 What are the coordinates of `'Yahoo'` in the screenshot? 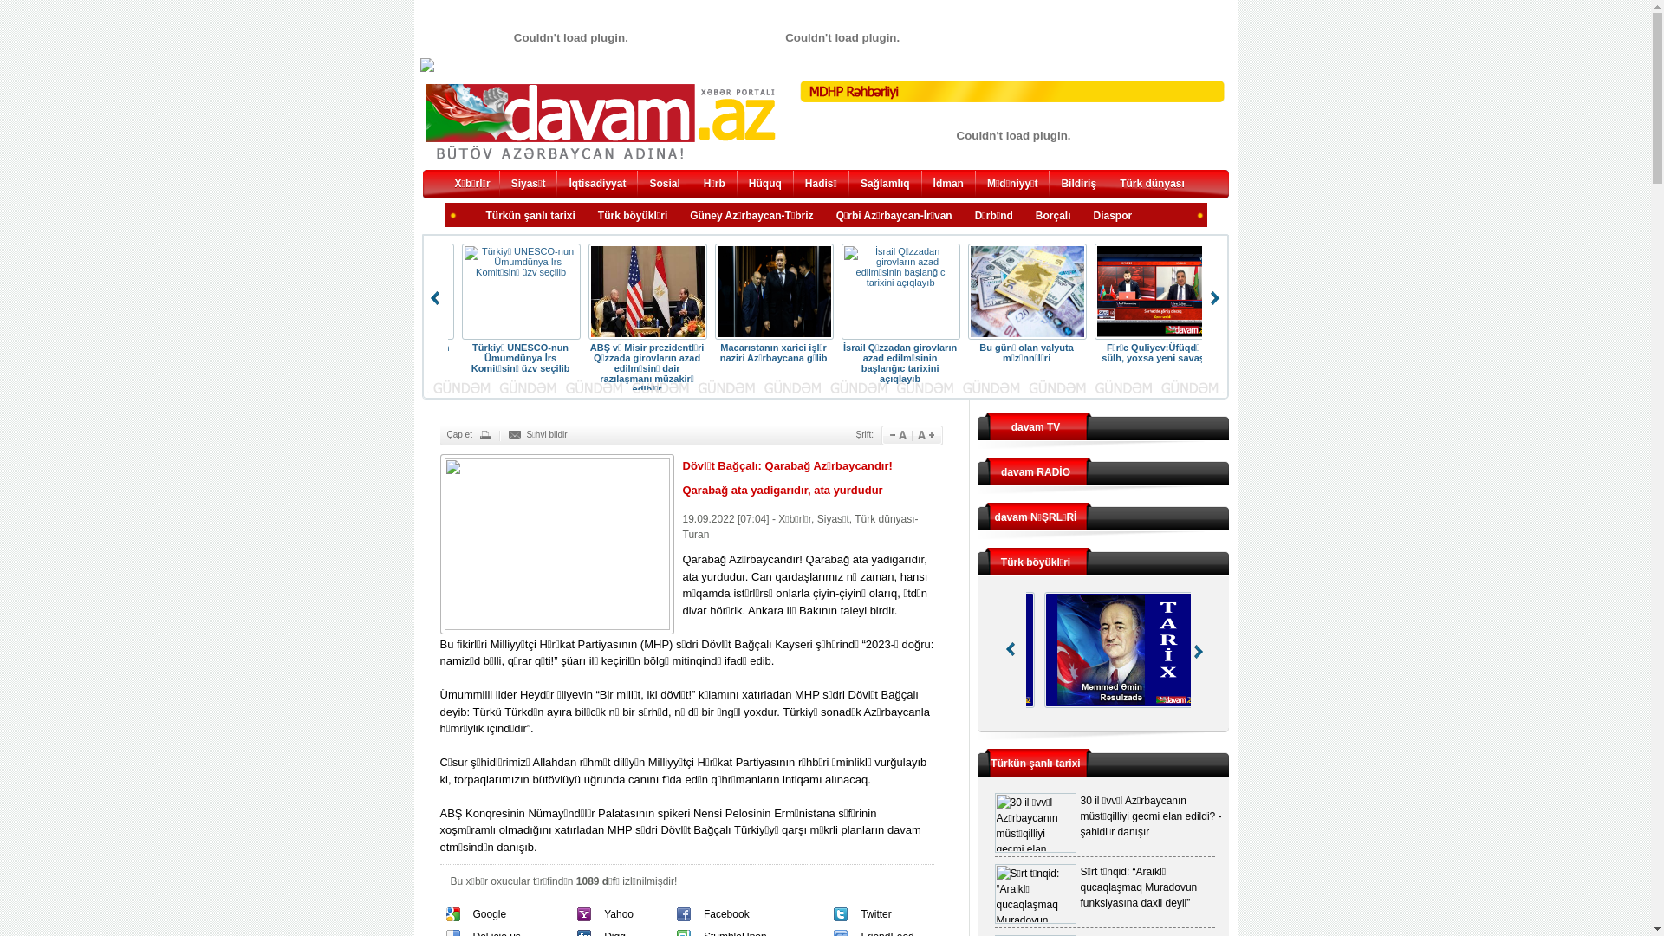 It's located at (619, 913).